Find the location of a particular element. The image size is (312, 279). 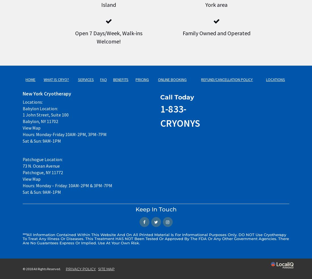

'73 N. Ocean Avenue' is located at coordinates (22, 165).